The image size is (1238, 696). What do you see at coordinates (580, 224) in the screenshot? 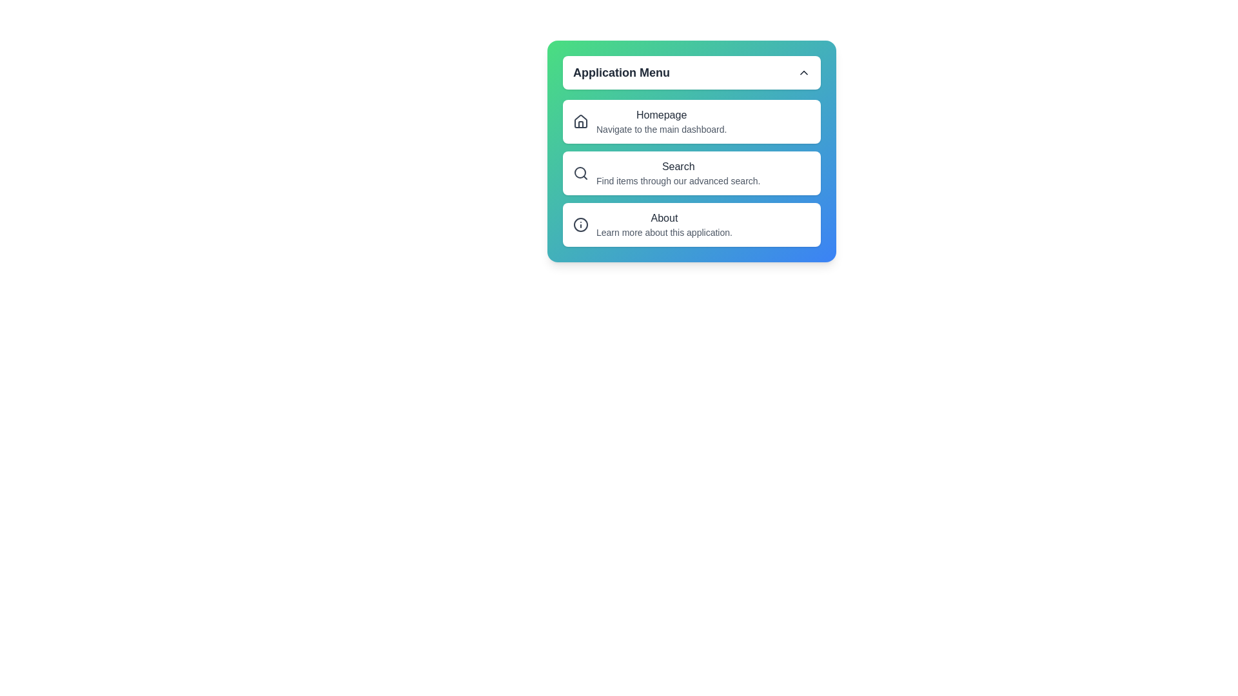
I see `the icon corresponding to About in the menu` at bounding box center [580, 224].